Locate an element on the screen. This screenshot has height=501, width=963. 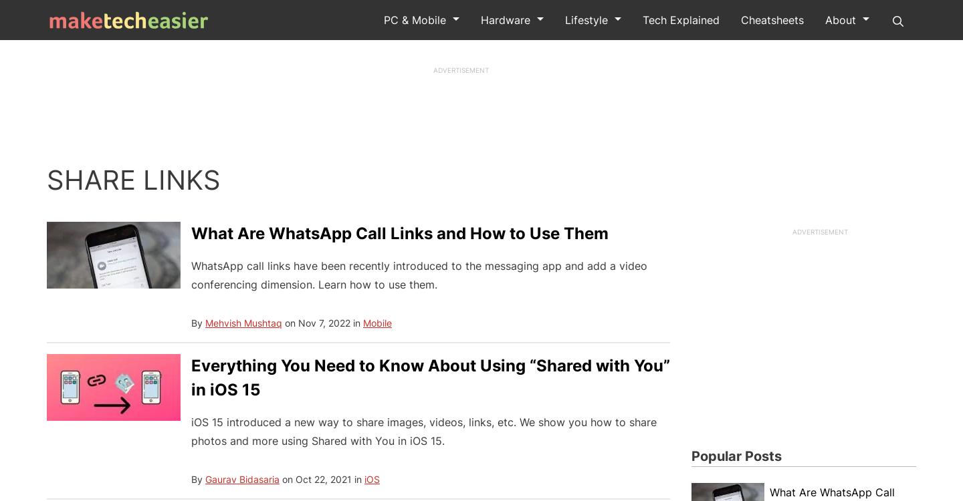
'WhatsApp call links have been recently introduced to the messaging app and add a video conferencing dimension. Learn how to use them.' is located at coordinates (418, 275).